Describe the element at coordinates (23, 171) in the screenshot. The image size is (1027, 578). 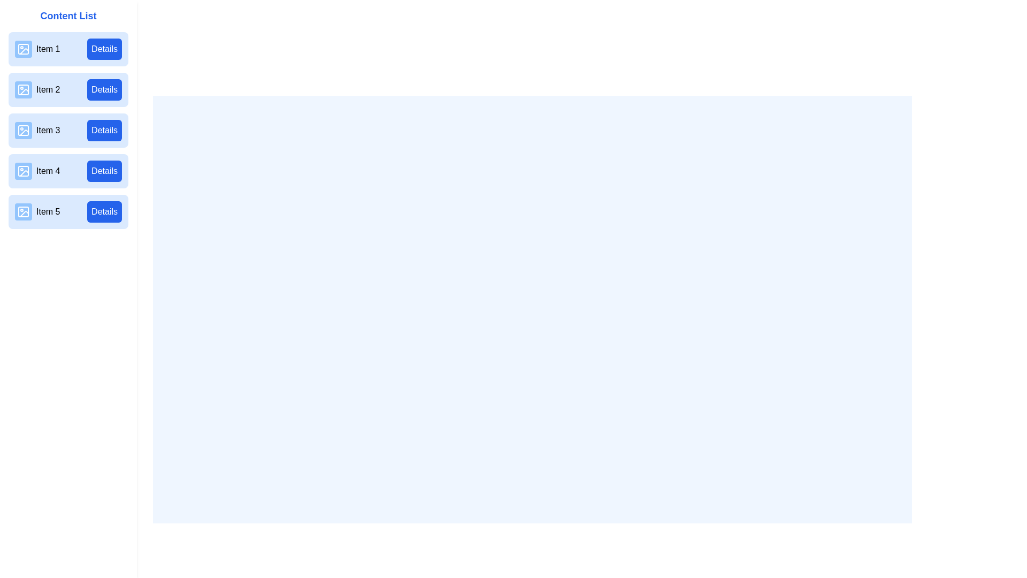
I see `the decorative rectangle within the SVG element located in the image icon of 'Item 4', positioned centrally in the icon's area` at that location.